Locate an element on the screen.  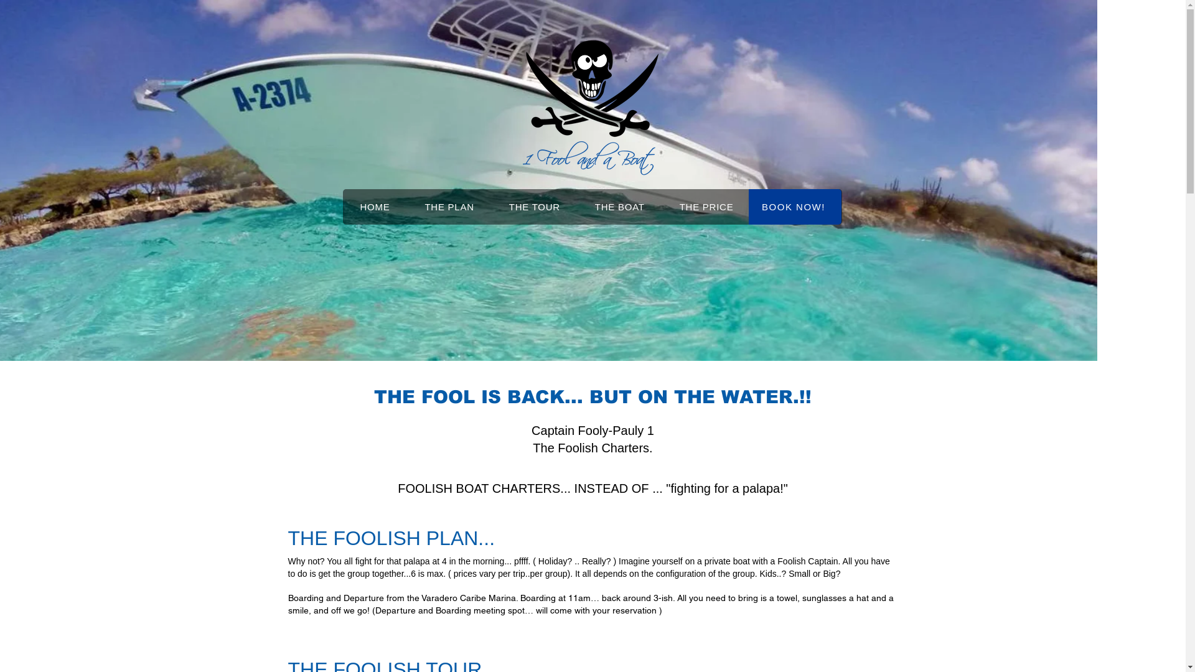
'THE PRICE' is located at coordinates (706, 206).